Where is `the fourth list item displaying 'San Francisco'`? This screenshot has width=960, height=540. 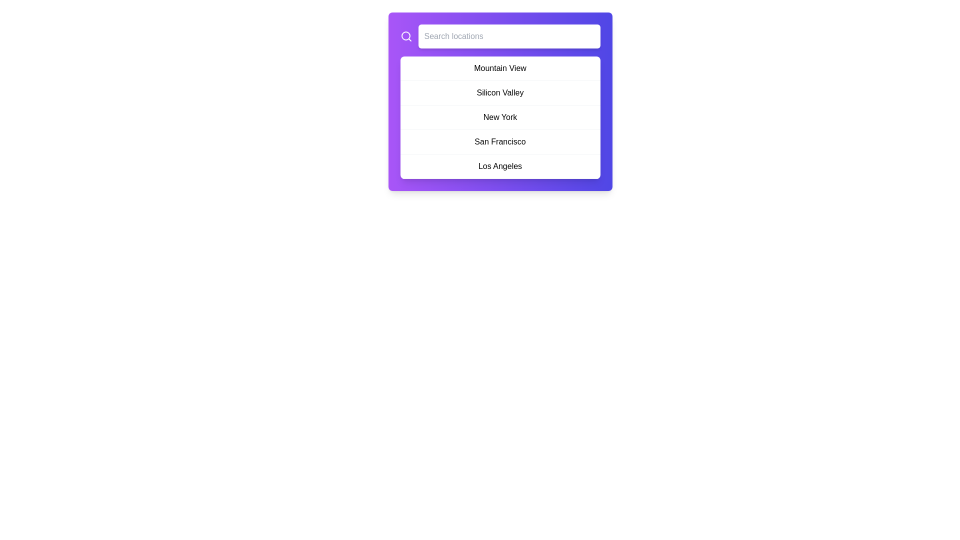
the fourth list item displaying 'San Francisco' is located at coordinates (500, 142).